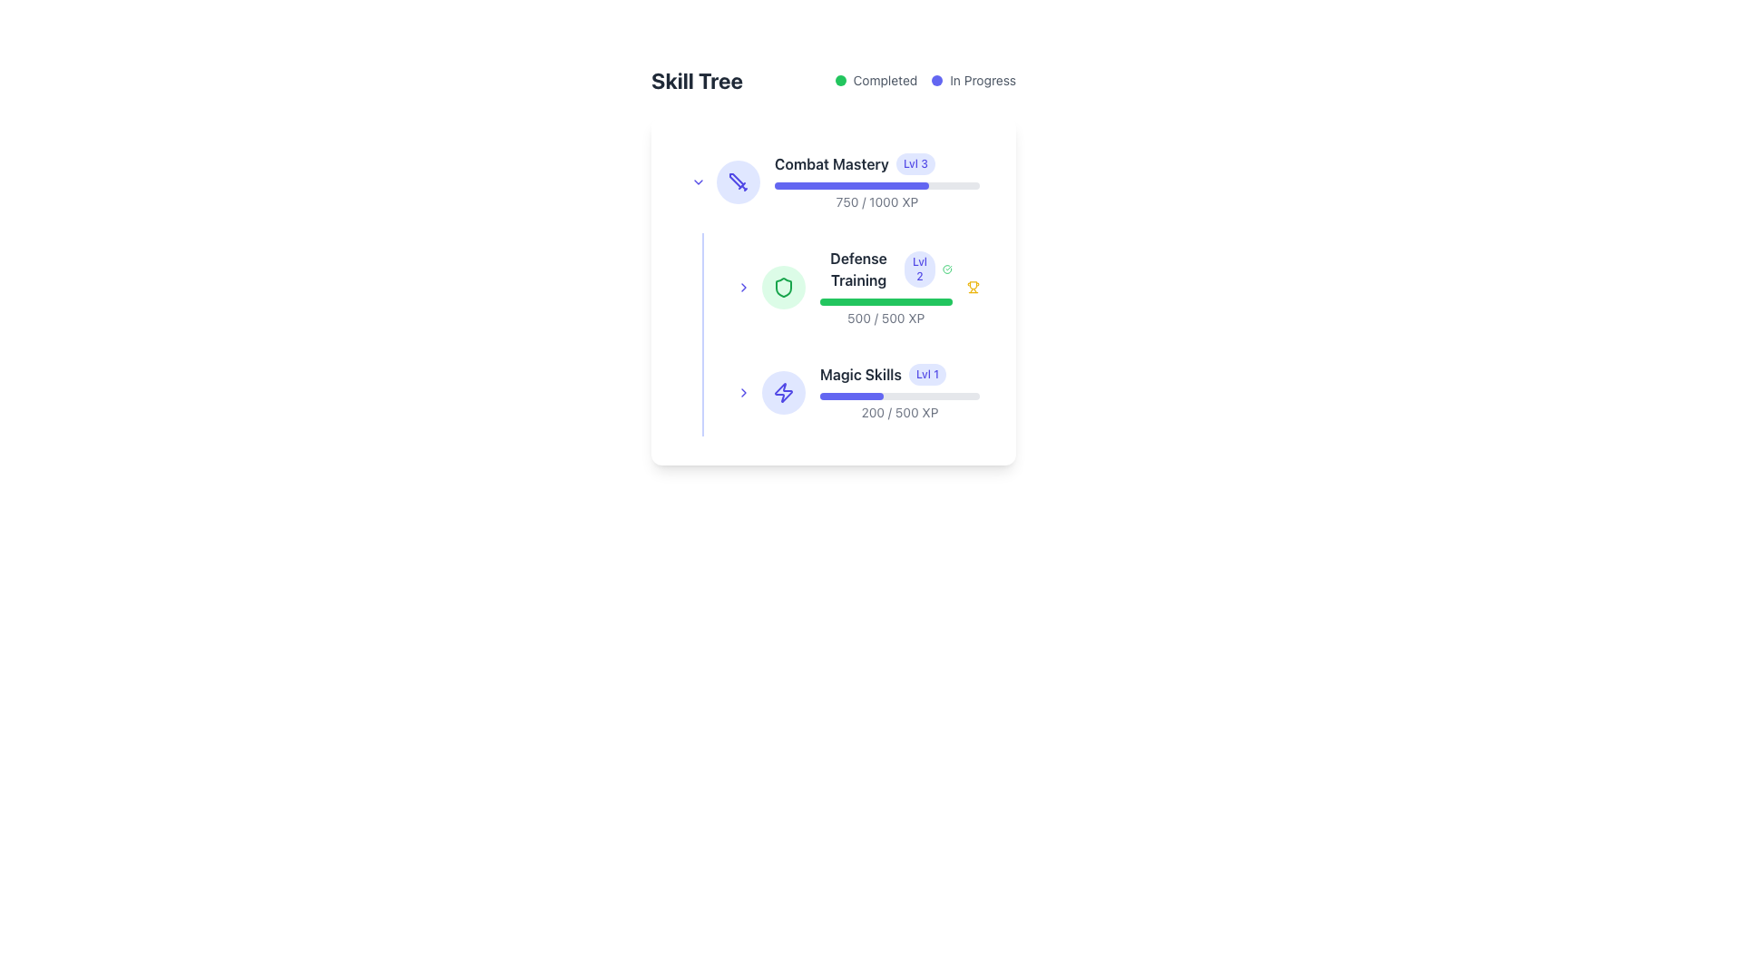 Image resolution: width=1742 pixels, height=980 pixels. What do you see at coordinates (885, 79) in the screenshot?
I see `the static text label in the top-right section of the interface` at bounding box center [885, 79].